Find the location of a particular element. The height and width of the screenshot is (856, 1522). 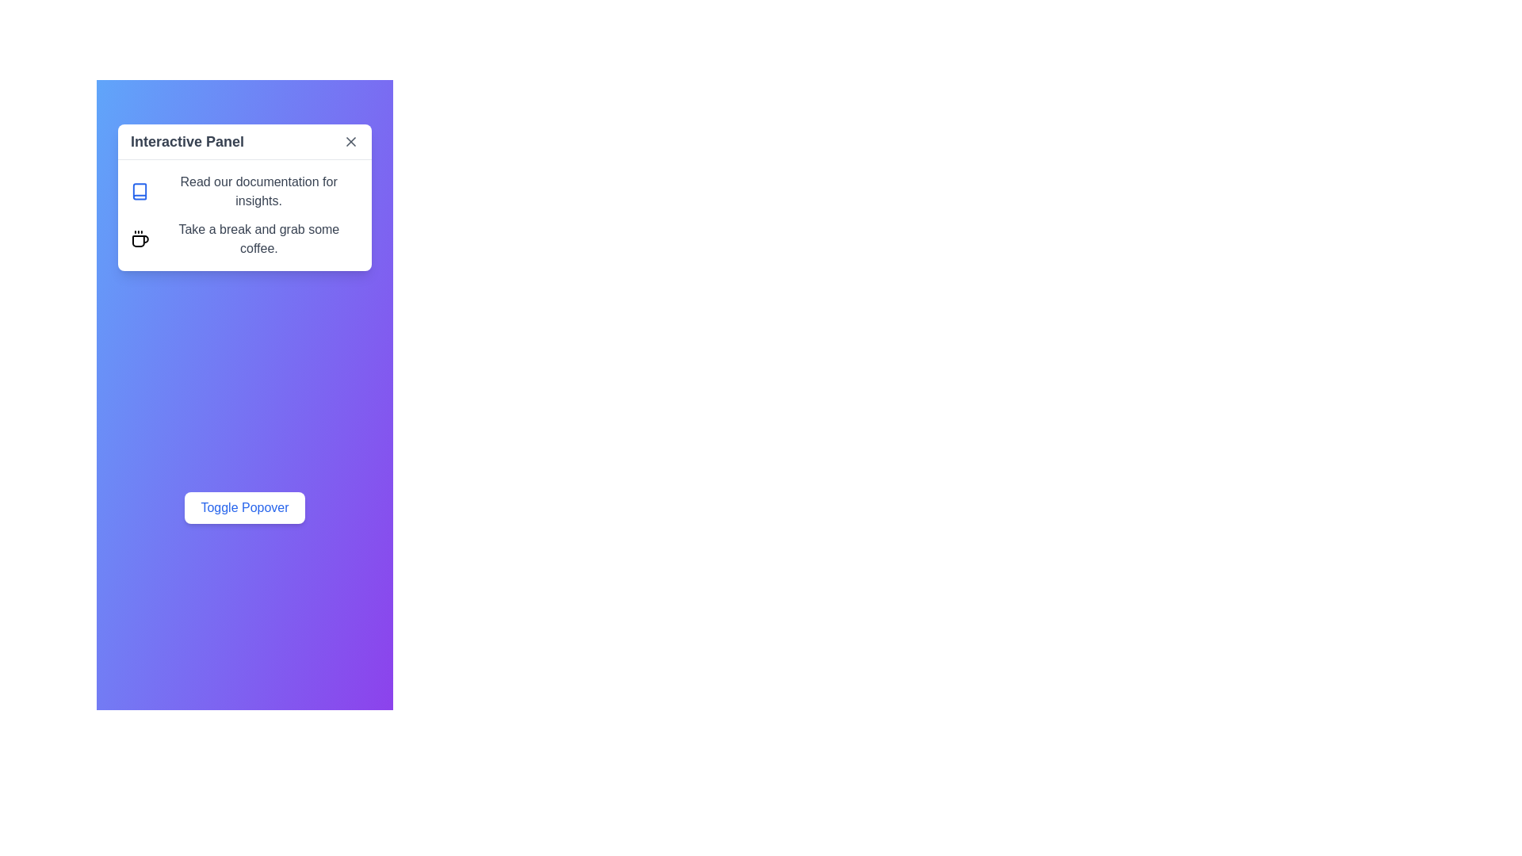

the contextual text content located towards the center-right of the interactive panel, adjacent to the coffee cup icon is located at coordinates (258, 239).